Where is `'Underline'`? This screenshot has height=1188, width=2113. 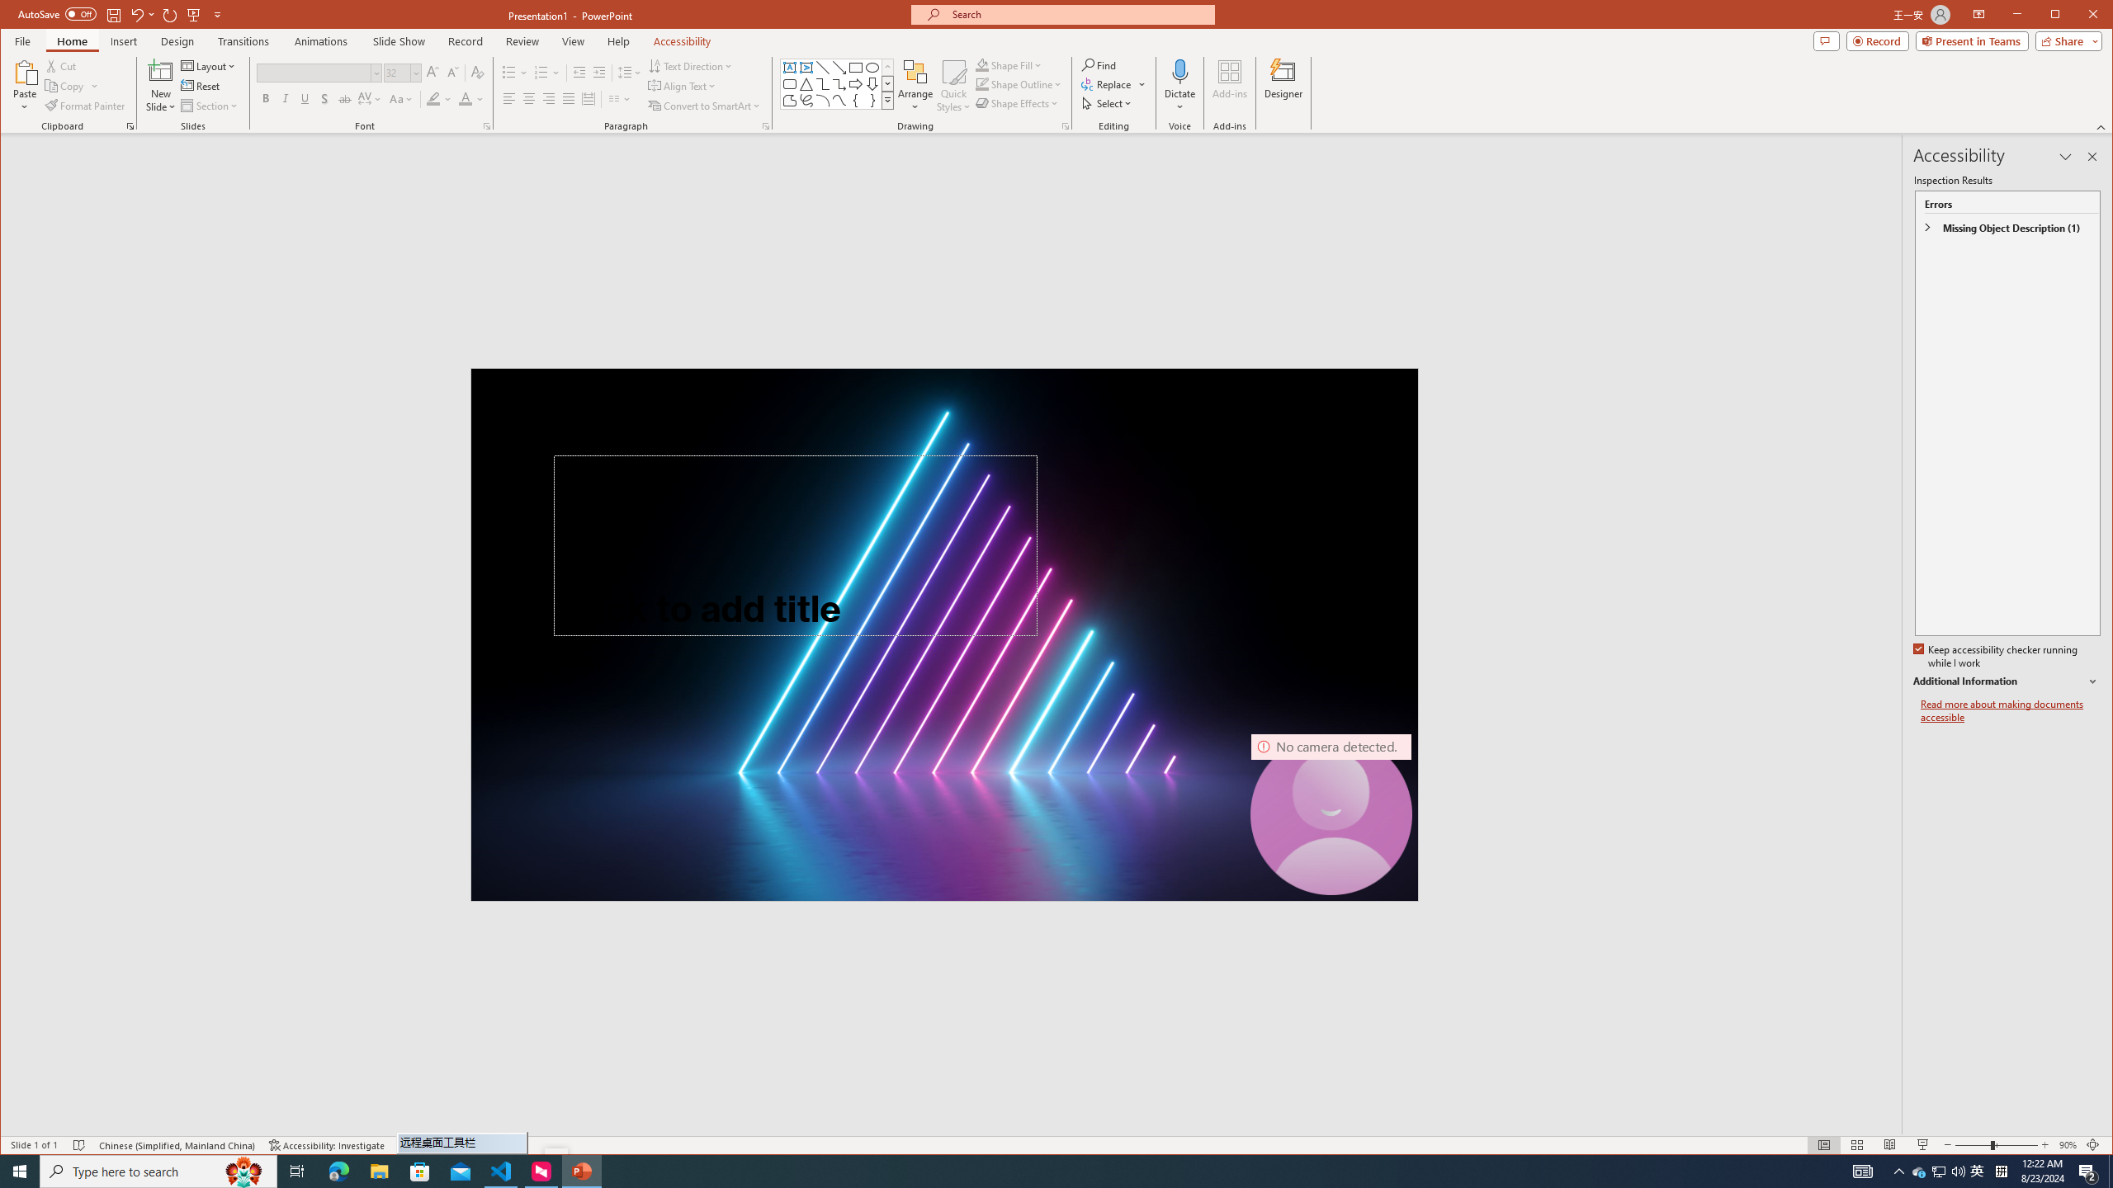 'Underline' is located at coordinates (304, 98).